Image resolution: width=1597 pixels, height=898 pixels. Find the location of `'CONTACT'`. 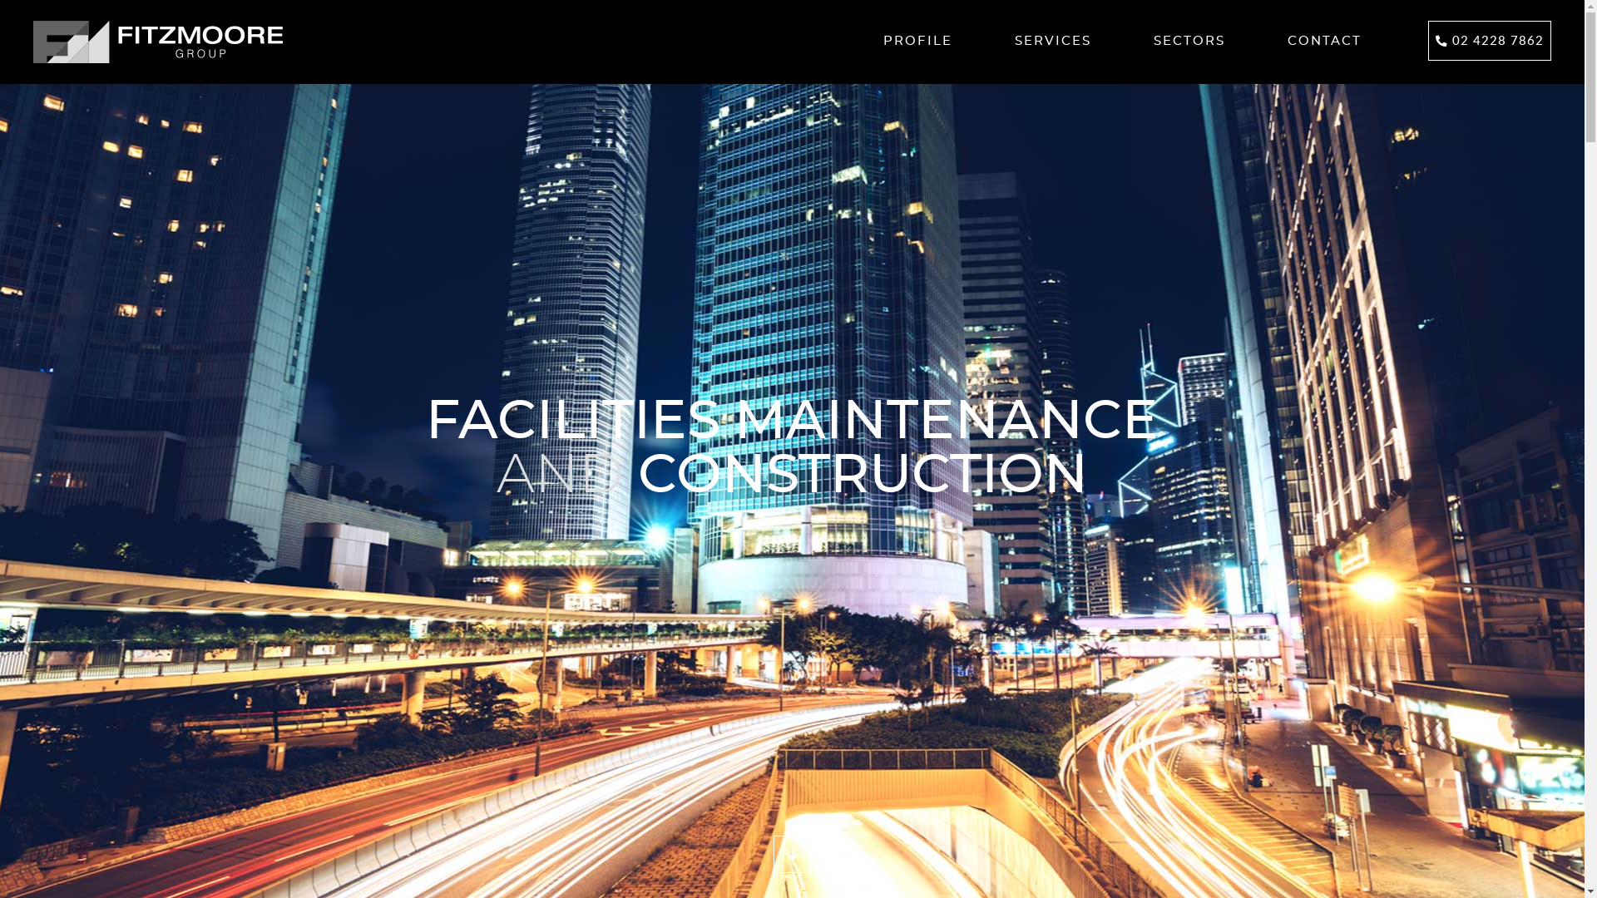

'CONTACT' is located at coordinates (1323, 40).